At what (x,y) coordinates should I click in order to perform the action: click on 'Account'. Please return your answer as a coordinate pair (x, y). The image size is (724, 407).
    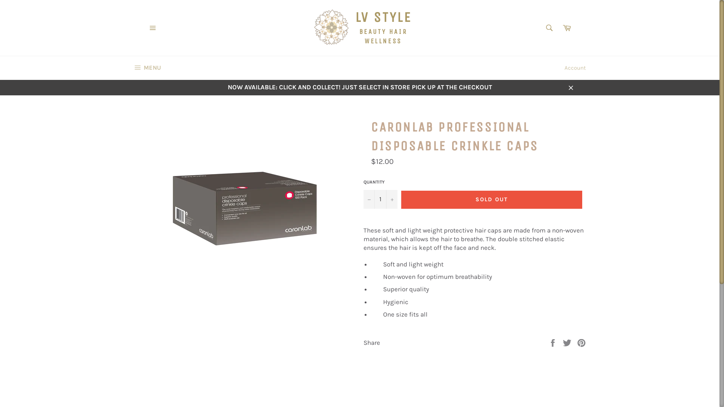
    Looking at the image, I should click on (561, 68).